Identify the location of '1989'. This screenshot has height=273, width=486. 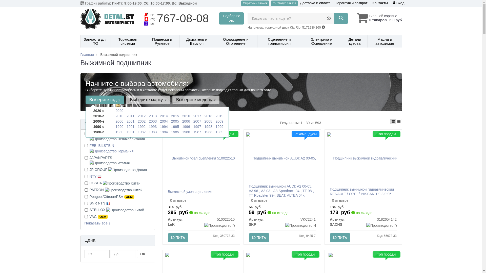
(219, 131).